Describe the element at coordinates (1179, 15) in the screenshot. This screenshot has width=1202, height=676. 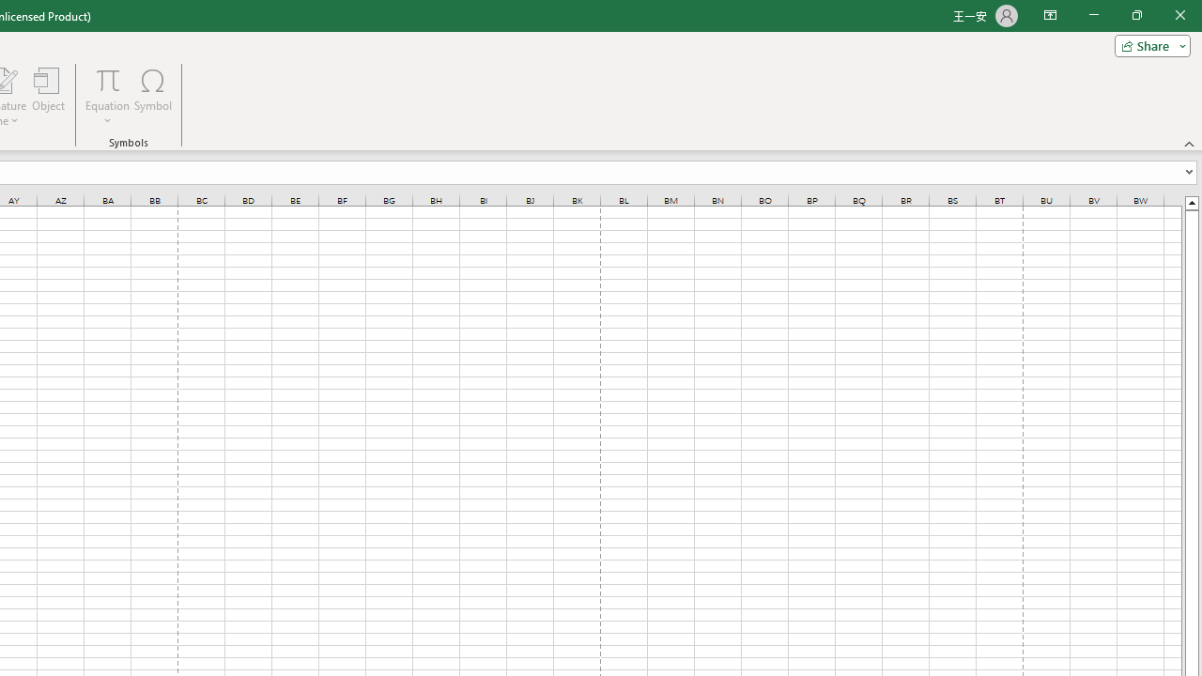
I see `'Close'` at that location.